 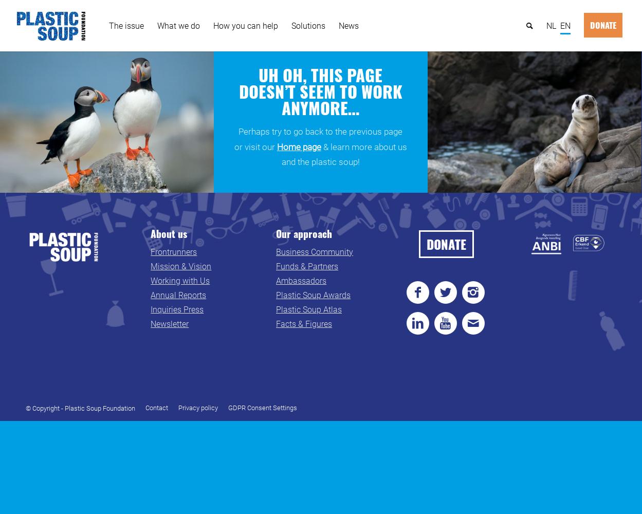 I want to click on 'How you can help', so click(x=245, y=25).